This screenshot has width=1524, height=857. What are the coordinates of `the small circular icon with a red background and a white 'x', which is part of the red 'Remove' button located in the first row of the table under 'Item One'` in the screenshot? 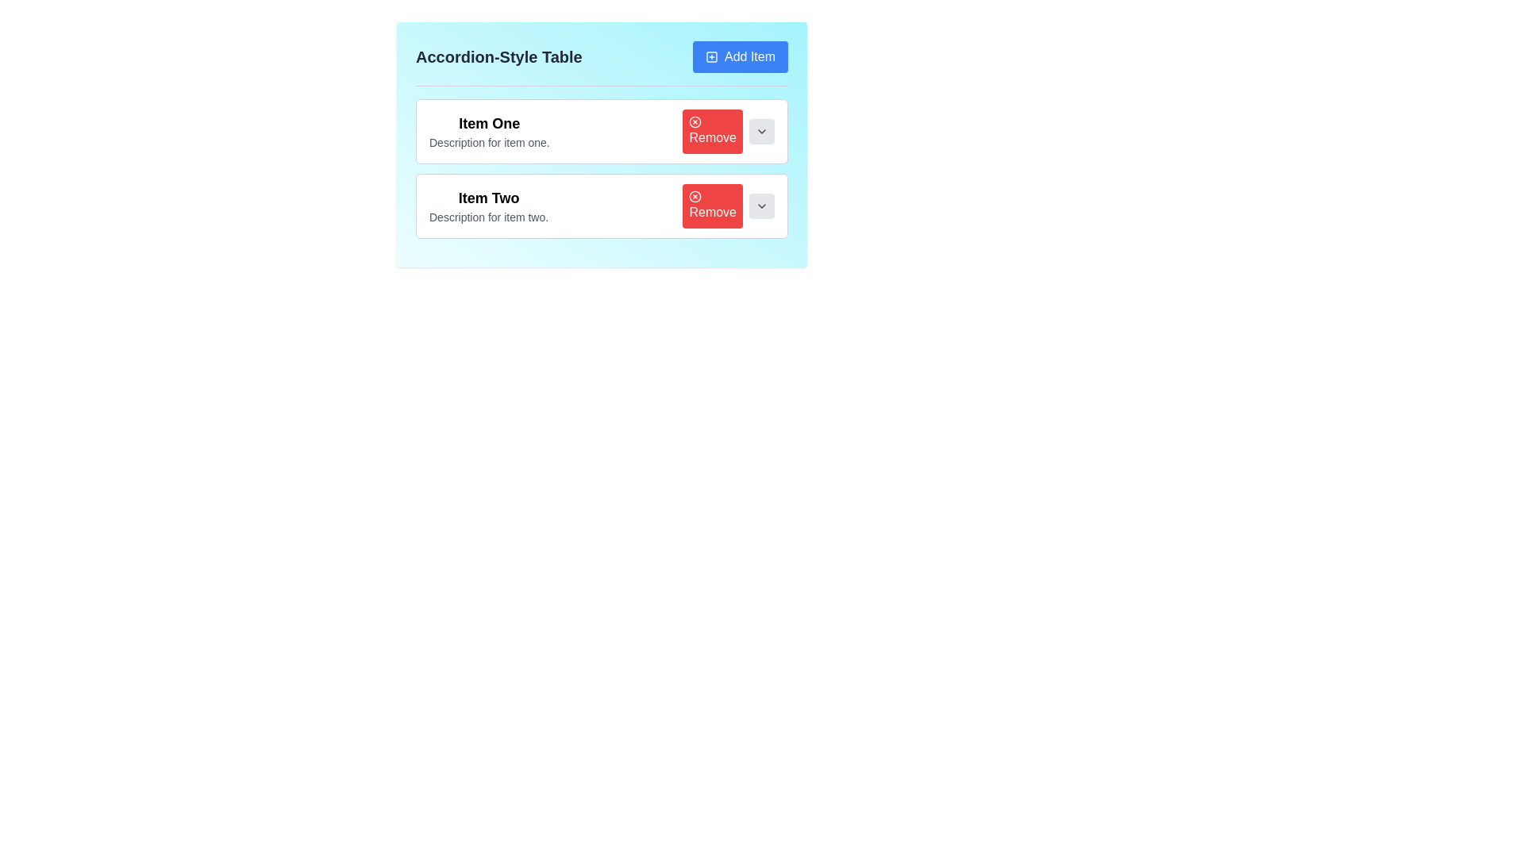 It's located at (695, 121).